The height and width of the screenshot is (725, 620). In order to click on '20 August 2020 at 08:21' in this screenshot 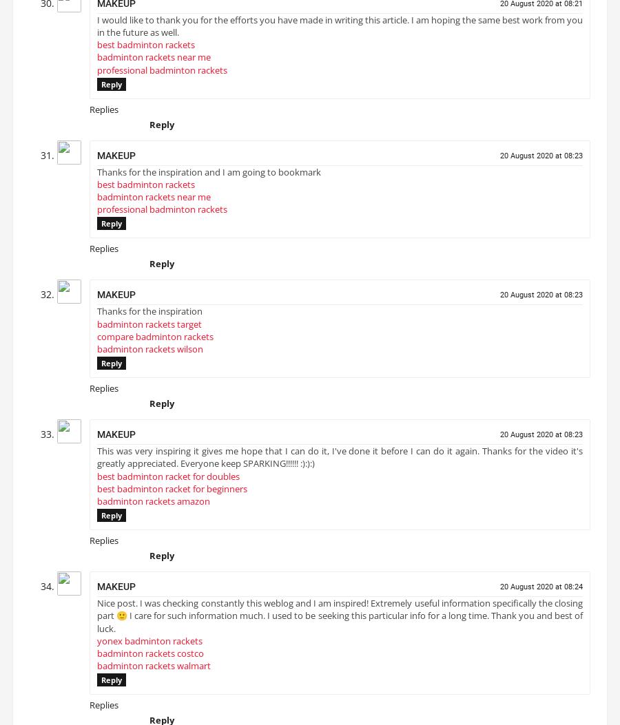, I will do `click(540, 8)`.